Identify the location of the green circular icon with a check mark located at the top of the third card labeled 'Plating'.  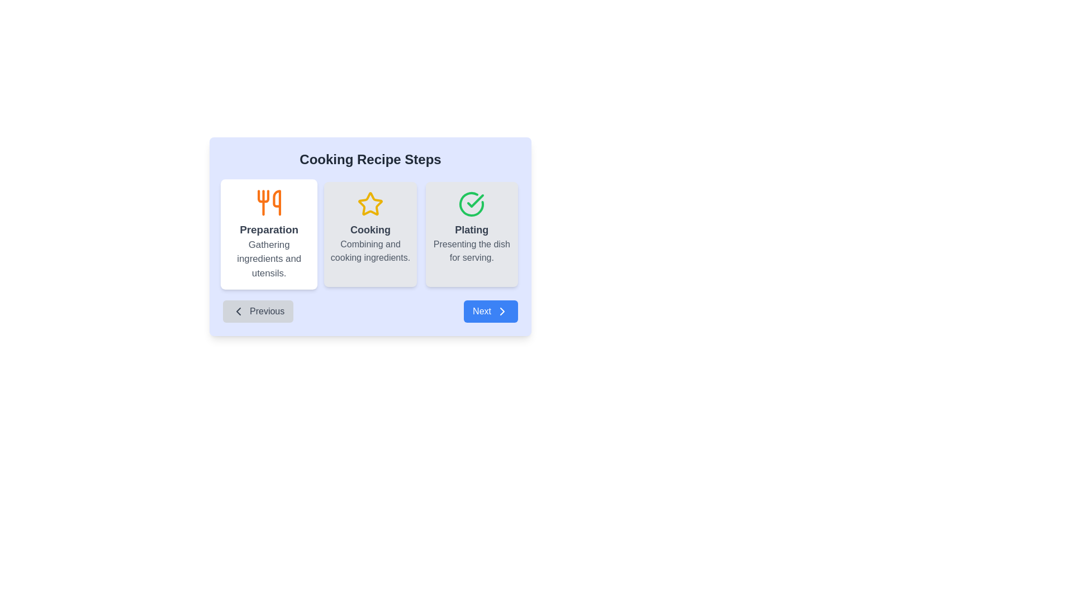
(472, 204).